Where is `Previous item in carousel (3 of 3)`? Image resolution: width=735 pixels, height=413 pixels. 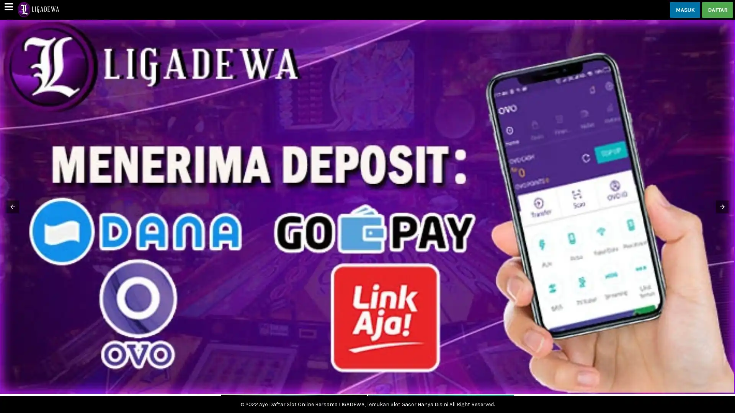 Previous item in carousel (3 of 3) is located at coordinates (13, 206).